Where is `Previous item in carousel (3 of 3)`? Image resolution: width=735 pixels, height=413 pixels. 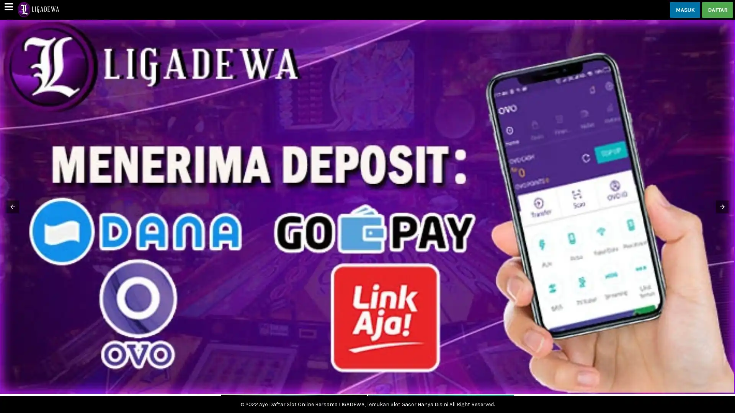 Previous item in carousel (3 of 3) is located at coordinates (13, 206).